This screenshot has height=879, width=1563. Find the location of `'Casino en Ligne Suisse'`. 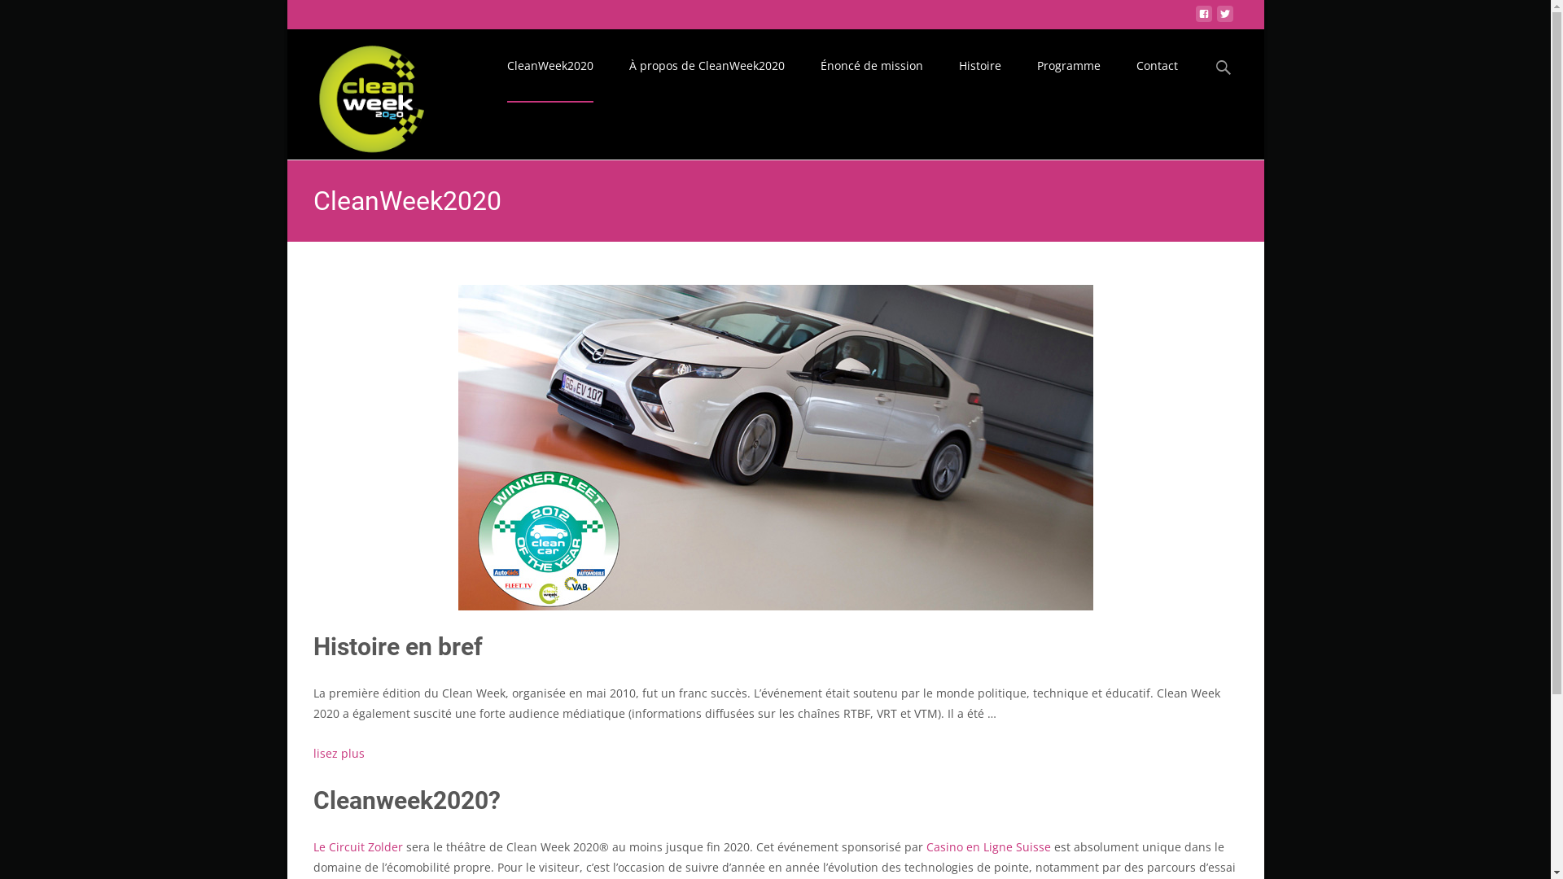

'Casino en Ligne Suisse' is located at coordinates (926, 846).